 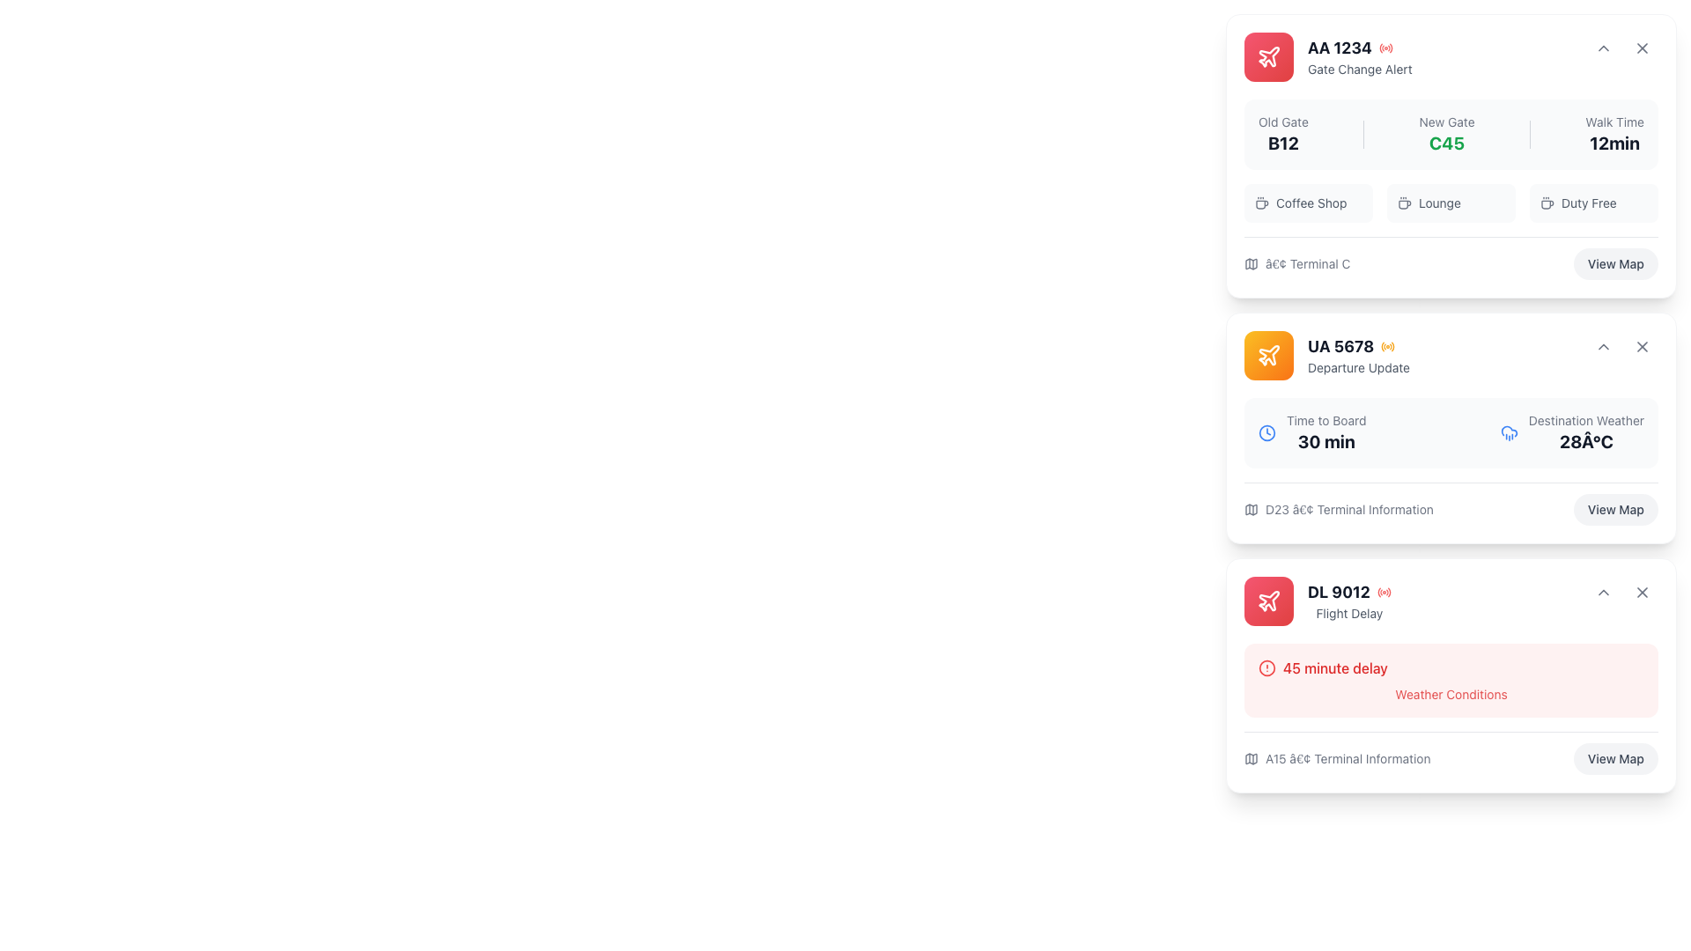 What do you see at coordinates (1357, 346) in the screenshot?
I see `the text label displaying 'UA 5678' with an orange signal-like icon located in the top section of the second card on the right-hand side of the interface` at bounding box center [1357, 346].